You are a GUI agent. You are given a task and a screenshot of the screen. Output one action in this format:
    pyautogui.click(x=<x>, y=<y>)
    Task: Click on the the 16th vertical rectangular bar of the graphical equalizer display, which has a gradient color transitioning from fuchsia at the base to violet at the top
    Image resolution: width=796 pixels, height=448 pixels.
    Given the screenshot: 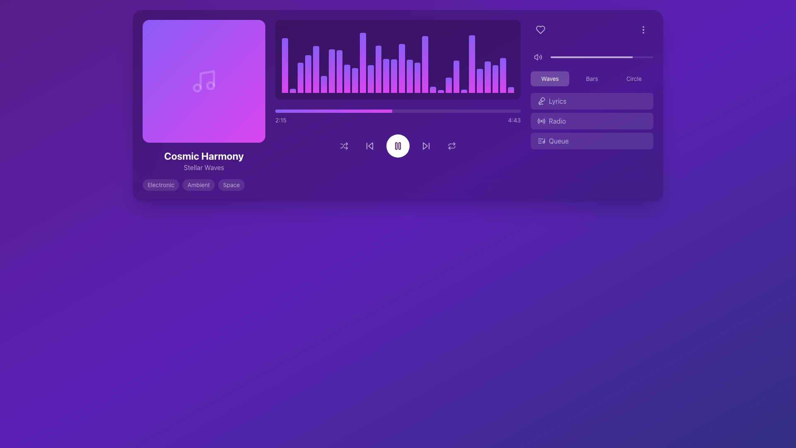 What is the action you would take?
    pyautogui.click(x=402, y=68)
    